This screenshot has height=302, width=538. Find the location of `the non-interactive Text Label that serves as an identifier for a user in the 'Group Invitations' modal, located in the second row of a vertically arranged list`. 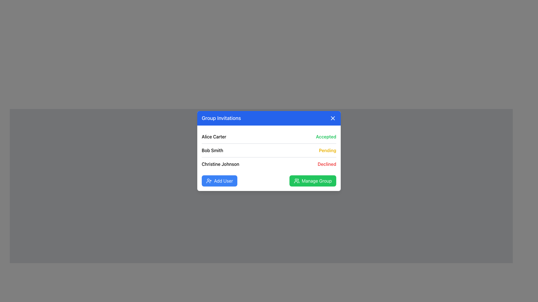

the non-interactive Text Label that serves as an identifier for a user in the 'Group Invitations' modal, located in the second row of a vertically arranged list is located at coordinates (212, 150).